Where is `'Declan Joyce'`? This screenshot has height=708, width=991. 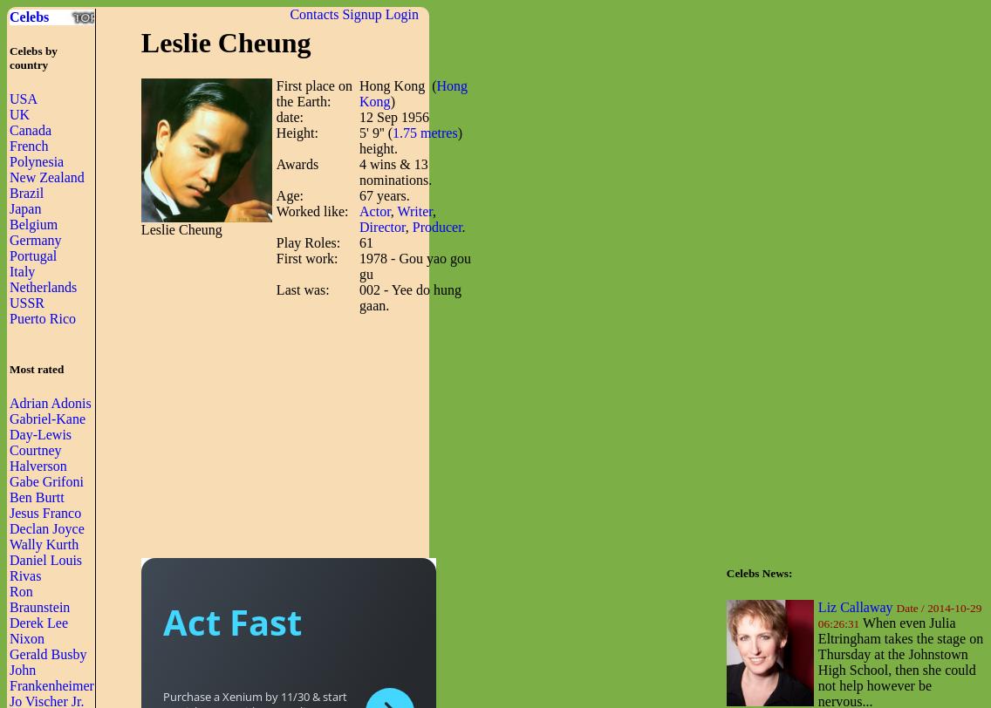 'Declan Joyce' is located at coordinates (45, 528).